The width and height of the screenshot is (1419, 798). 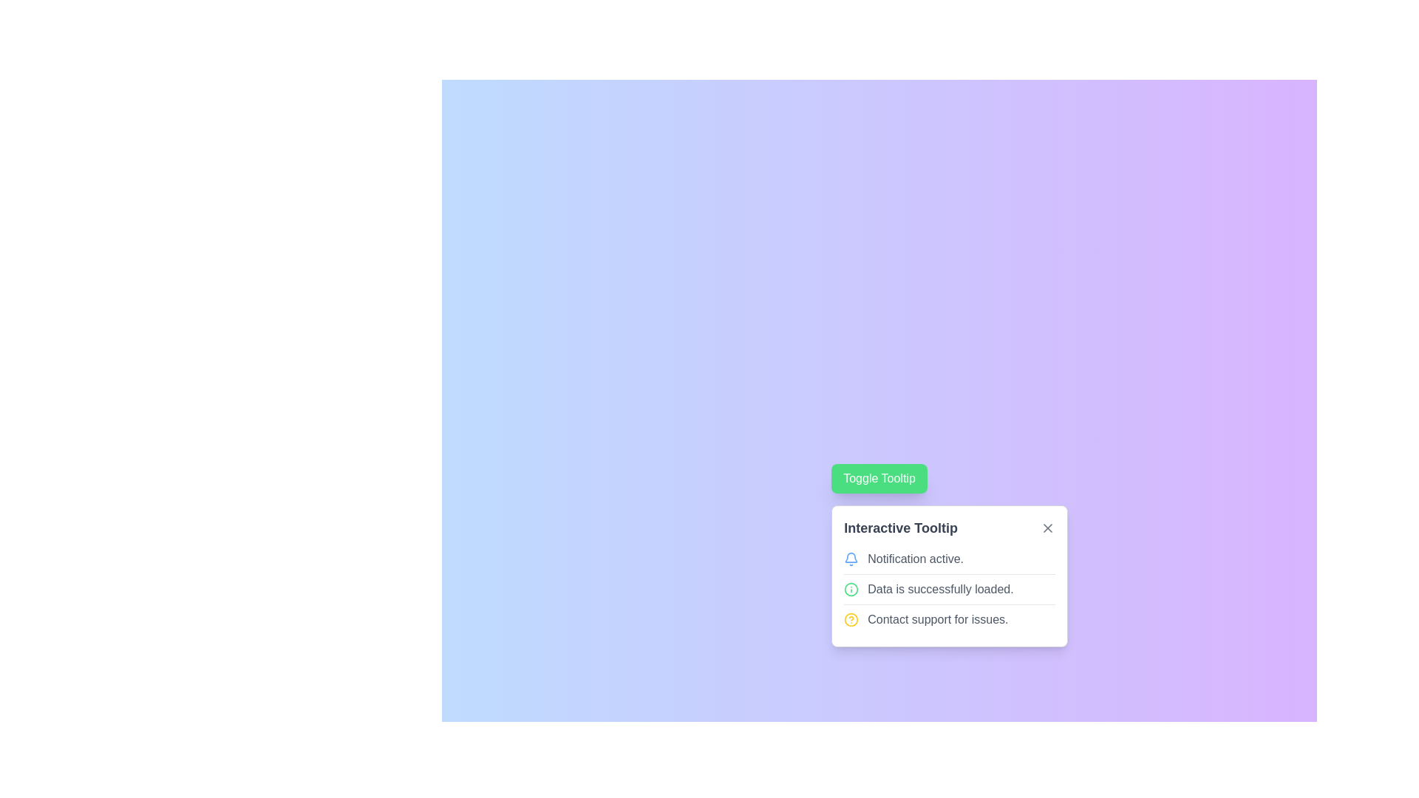 I want to click on the close button located in the top-right corner of the 'Interactive Tooltip', so click(x=1047, y=527).